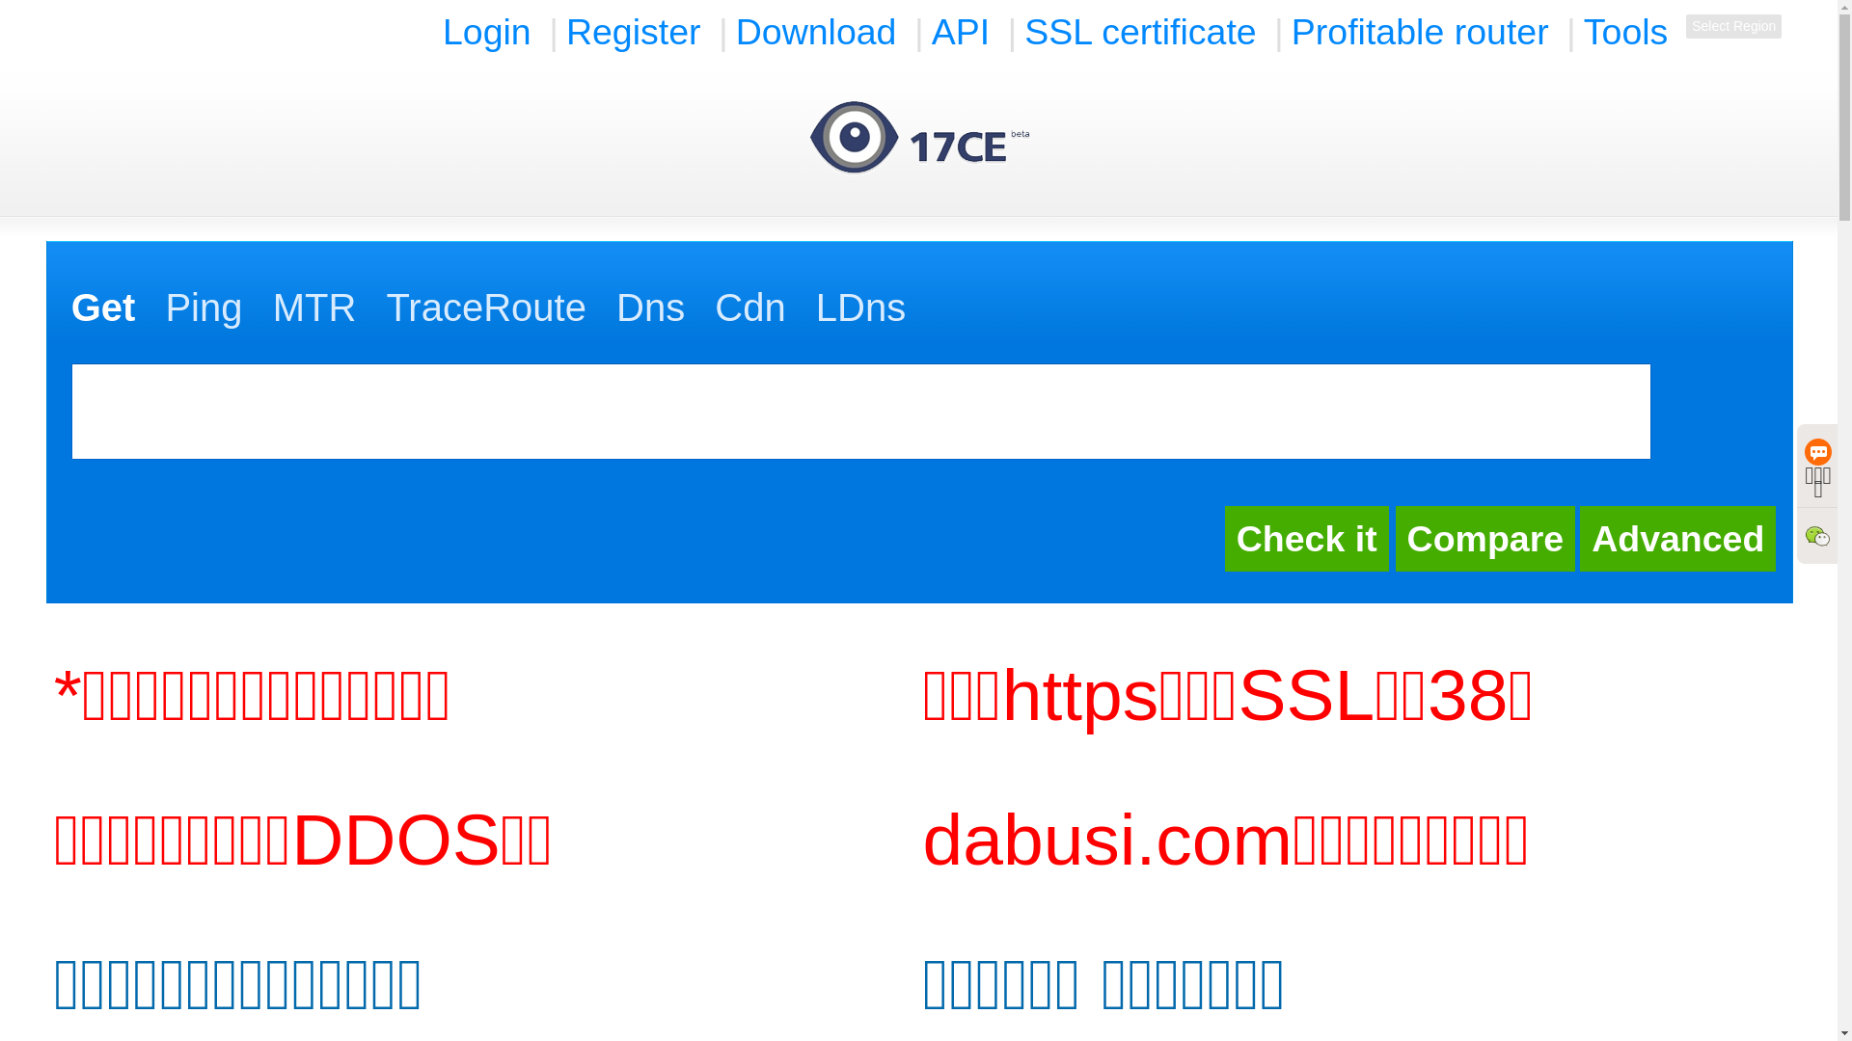  Describe the element at coordinates (314, 307) in the screenshot. I see `'MTR'` at that location.